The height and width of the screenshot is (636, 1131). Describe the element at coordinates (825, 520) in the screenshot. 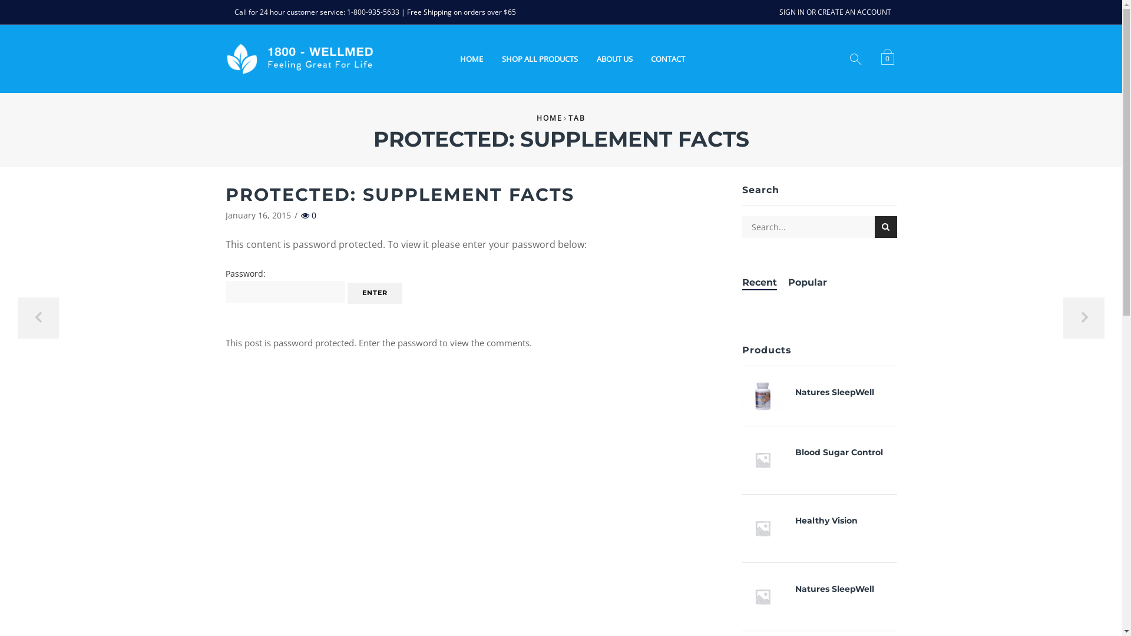

I see `'Healthy Vision'` at that location.